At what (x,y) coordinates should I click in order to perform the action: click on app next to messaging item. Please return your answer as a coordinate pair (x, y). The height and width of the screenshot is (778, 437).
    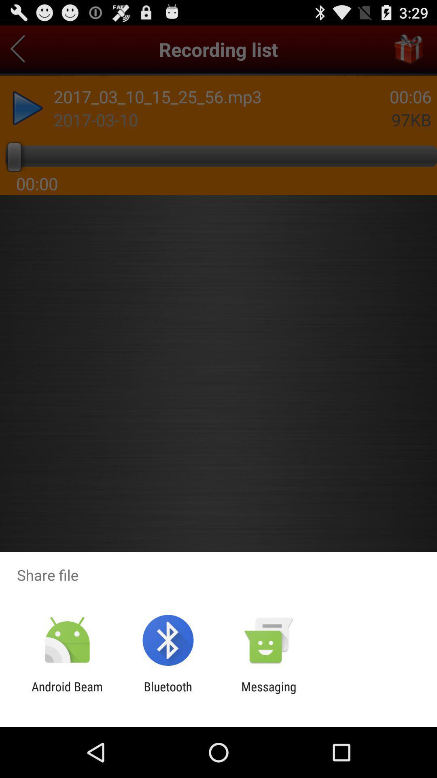
    Looking at the image, I should click on (168, 693).